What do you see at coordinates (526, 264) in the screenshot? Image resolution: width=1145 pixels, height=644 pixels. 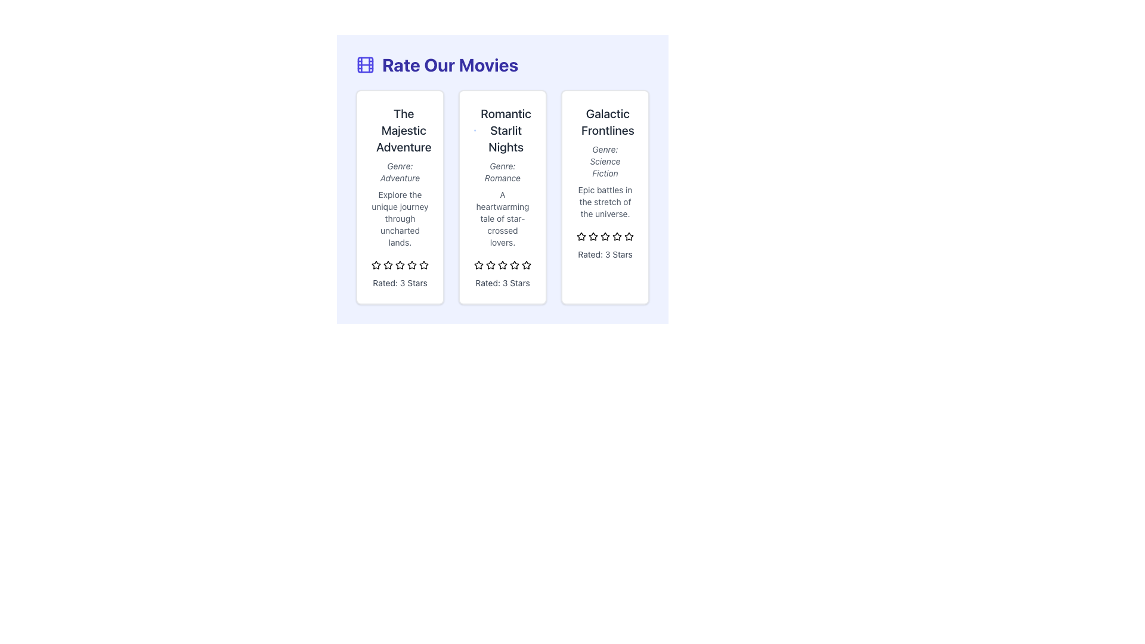 I see `the fifth star icon in the rating system of the 'Romantic Starlit Nights' panel to rate it` at bounding box center [526, 264].